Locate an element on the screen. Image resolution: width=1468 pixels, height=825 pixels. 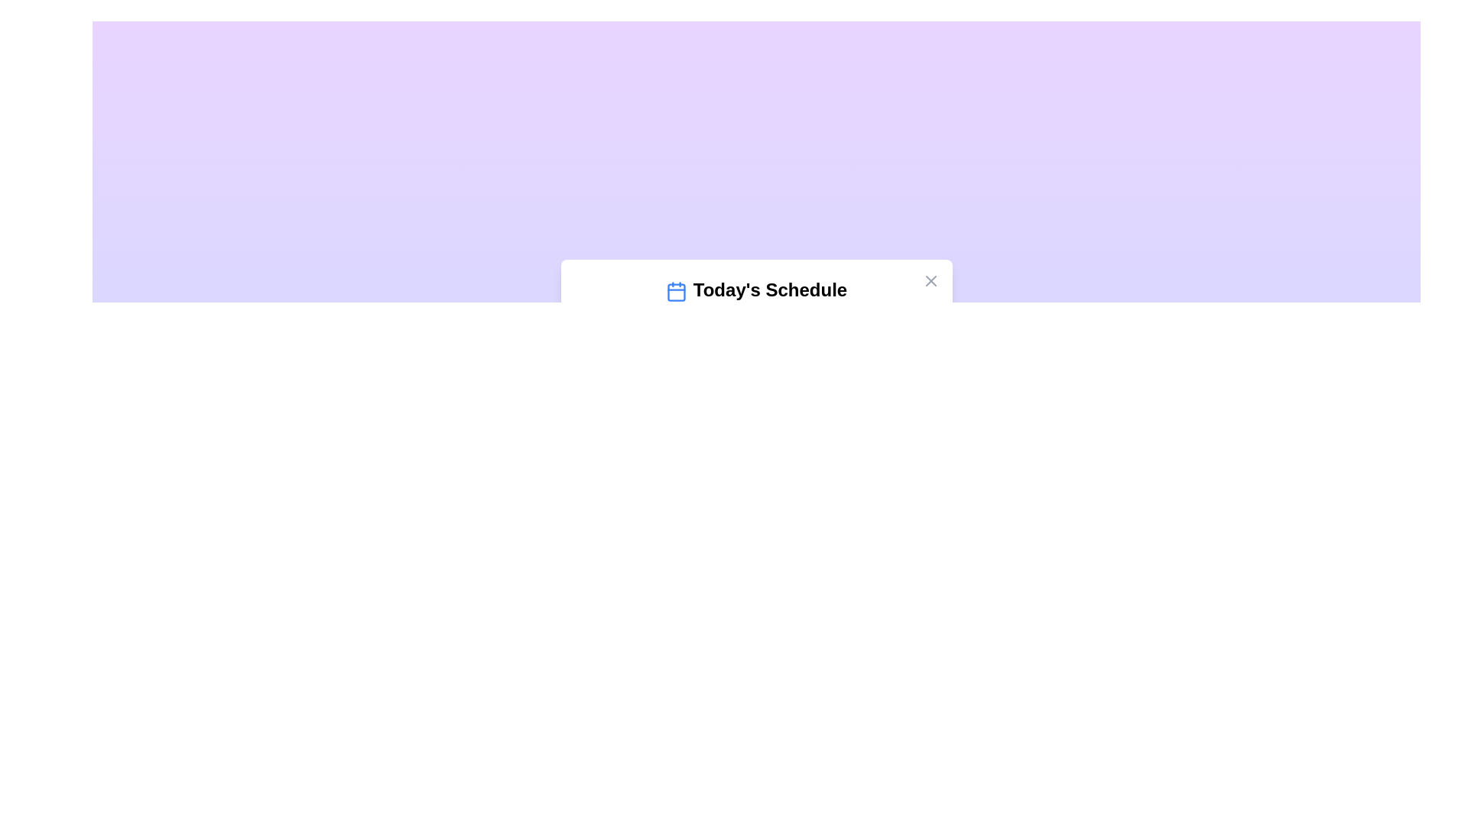
the heading text element for today's scheduled activities is located at coordinates (756, 290).